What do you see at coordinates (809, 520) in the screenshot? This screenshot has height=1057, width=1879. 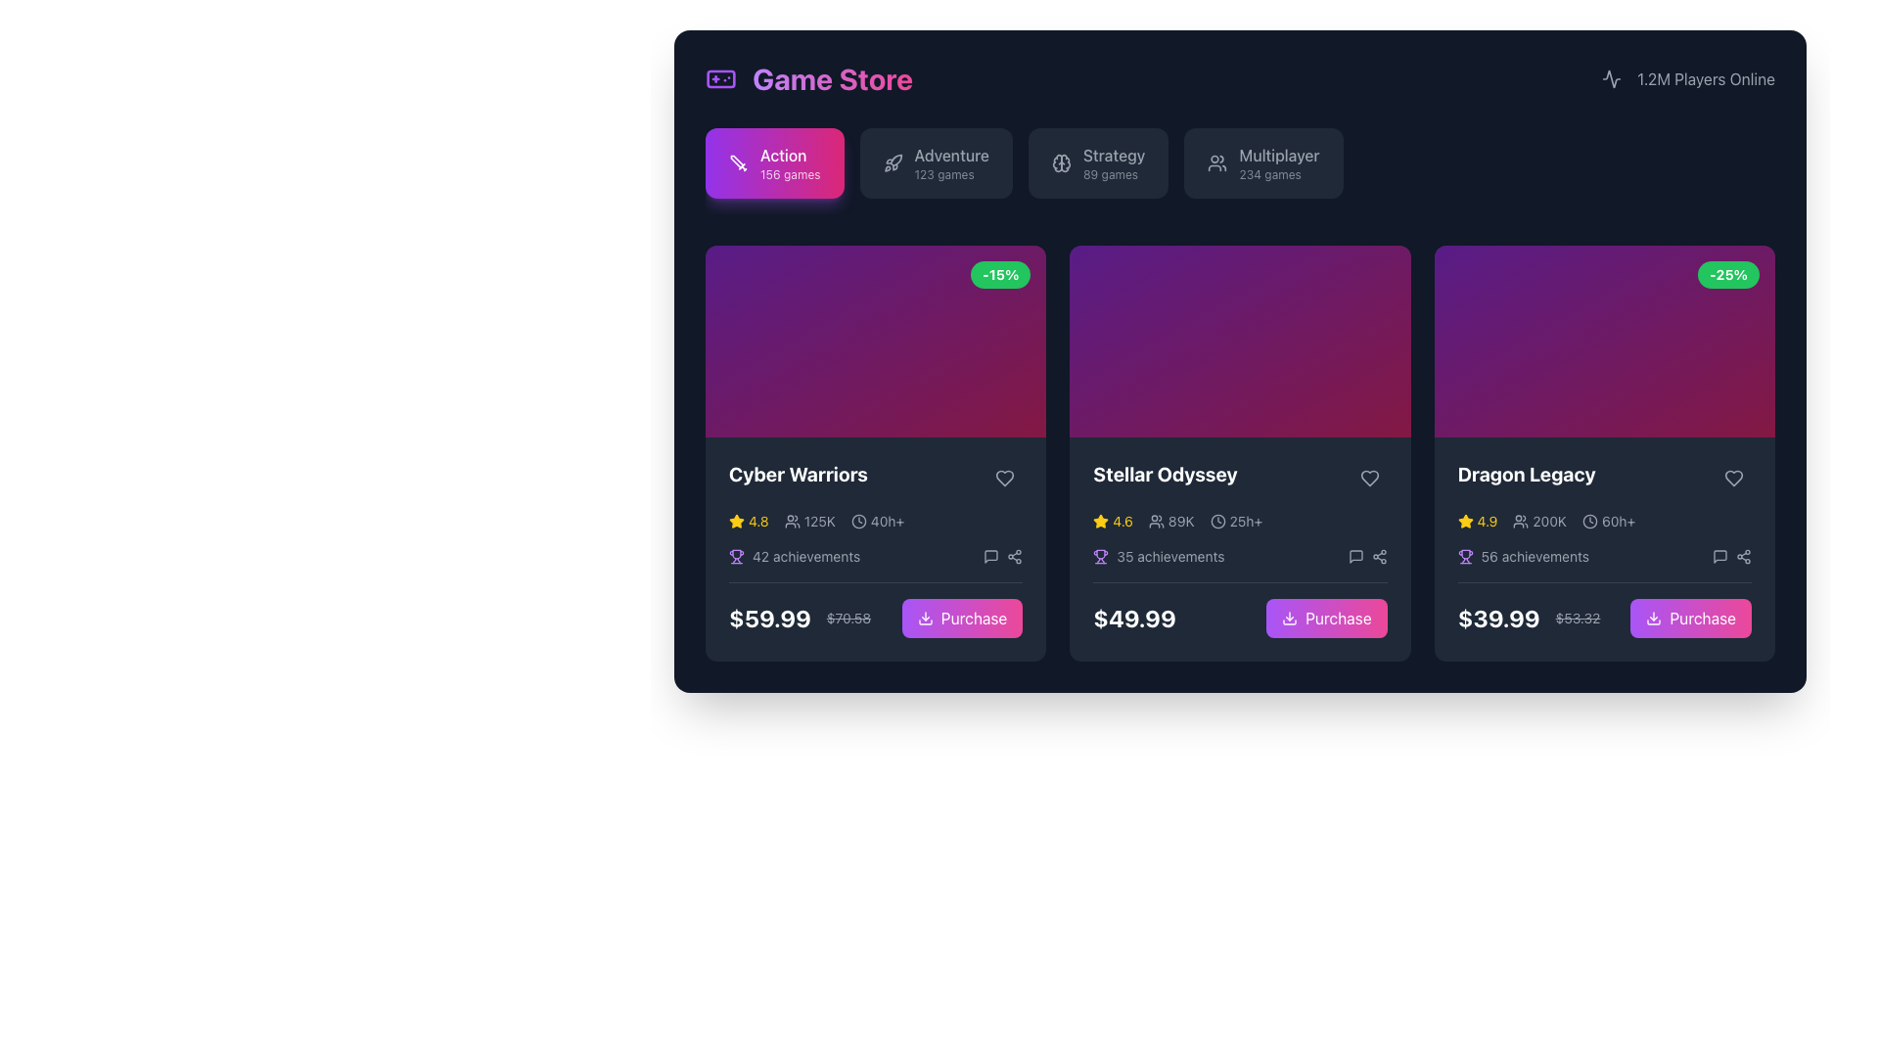 I see `the text with icon group displaying '125K', which is styled in gray with a digital font and is positioned between the yellow star rating ('4.8') and the gray text ('40h+') in the statistics bar below the 'Cyber Warriors' title` at bounding box center [809, 520].